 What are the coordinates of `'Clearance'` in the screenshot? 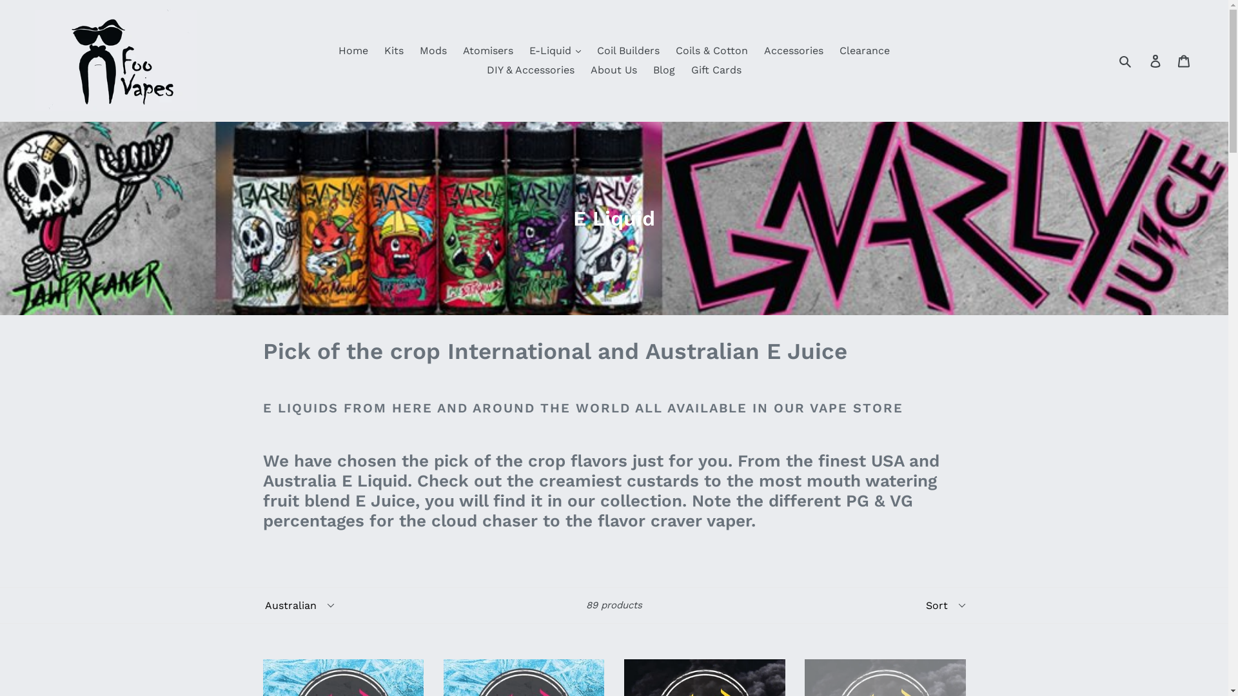 It's located at (864, 50).